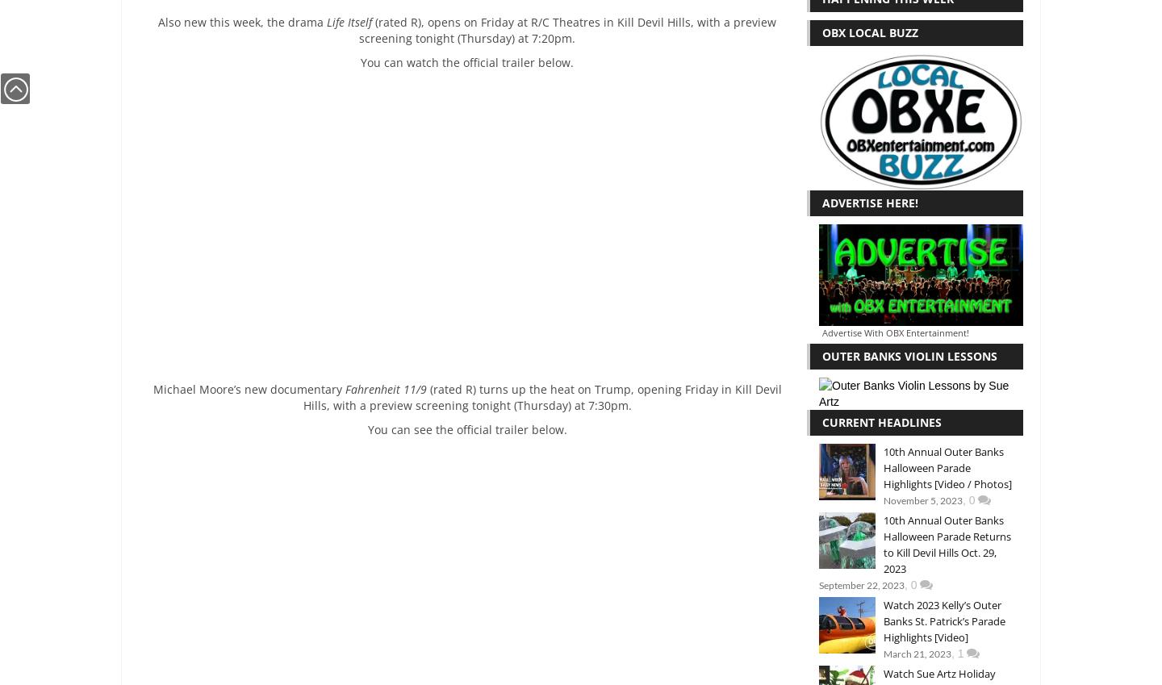  What do you see at coordinates (880, 421) in the screenshot?
I see `'Current Headlines'` at bounding box center [880, 421].